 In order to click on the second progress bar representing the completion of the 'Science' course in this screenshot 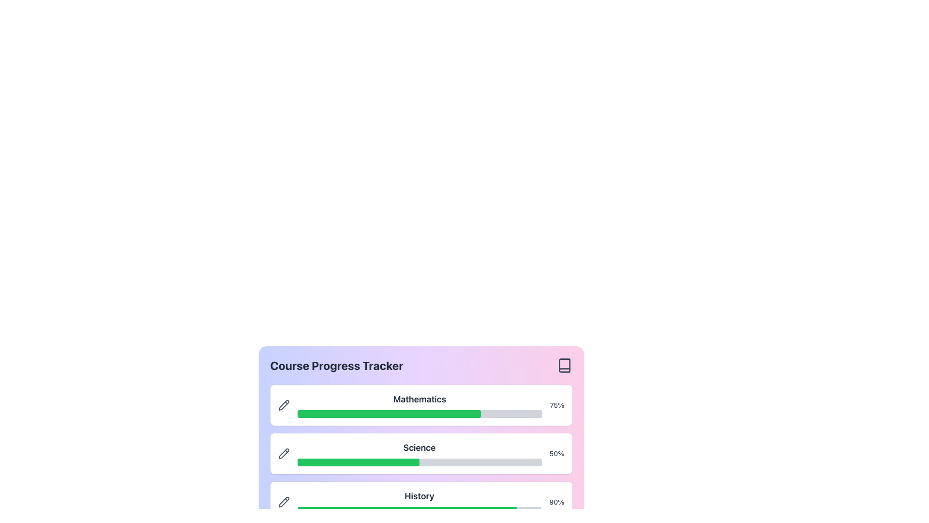, I will do `click(421, 454)`.